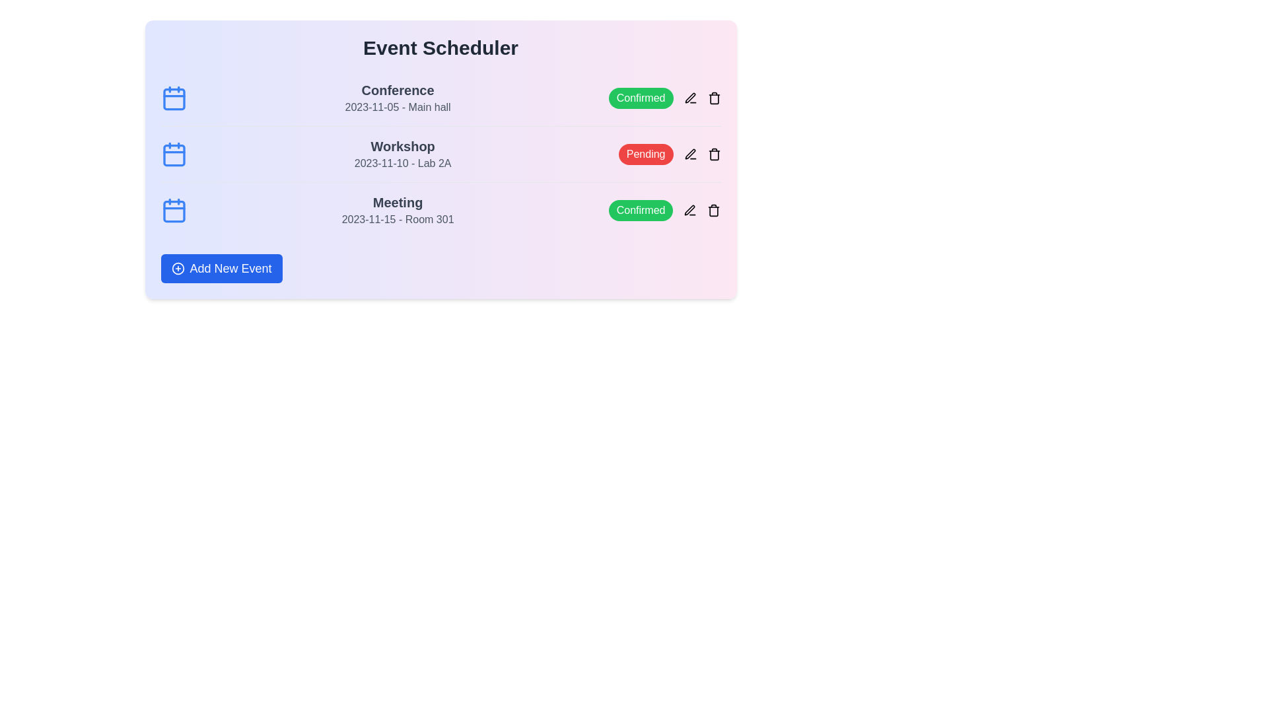 The height and width of the screenshot is (713, 1268). I want to click on the Text Display Block that contains the title 'Meeting' and details '2023-11-15 - Room 301' in the Event Scheduler section, so click(397, 210).